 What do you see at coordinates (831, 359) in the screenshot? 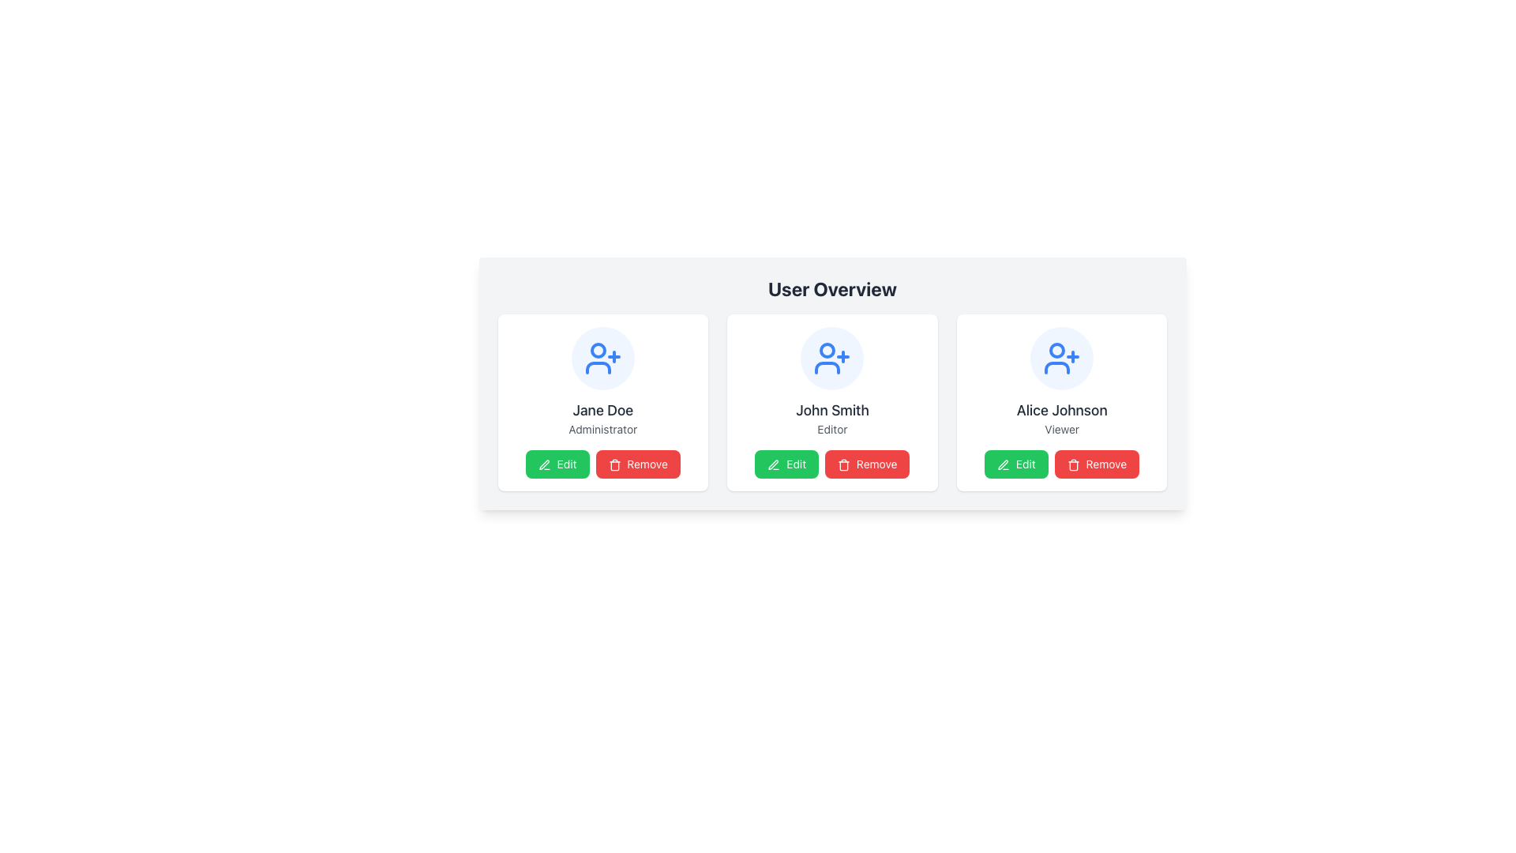
I see `the user add icon related to the profile card for 'John Smith' located in the middle column of user profile cards under 'User Overview'` at bounding box center [831, 359].